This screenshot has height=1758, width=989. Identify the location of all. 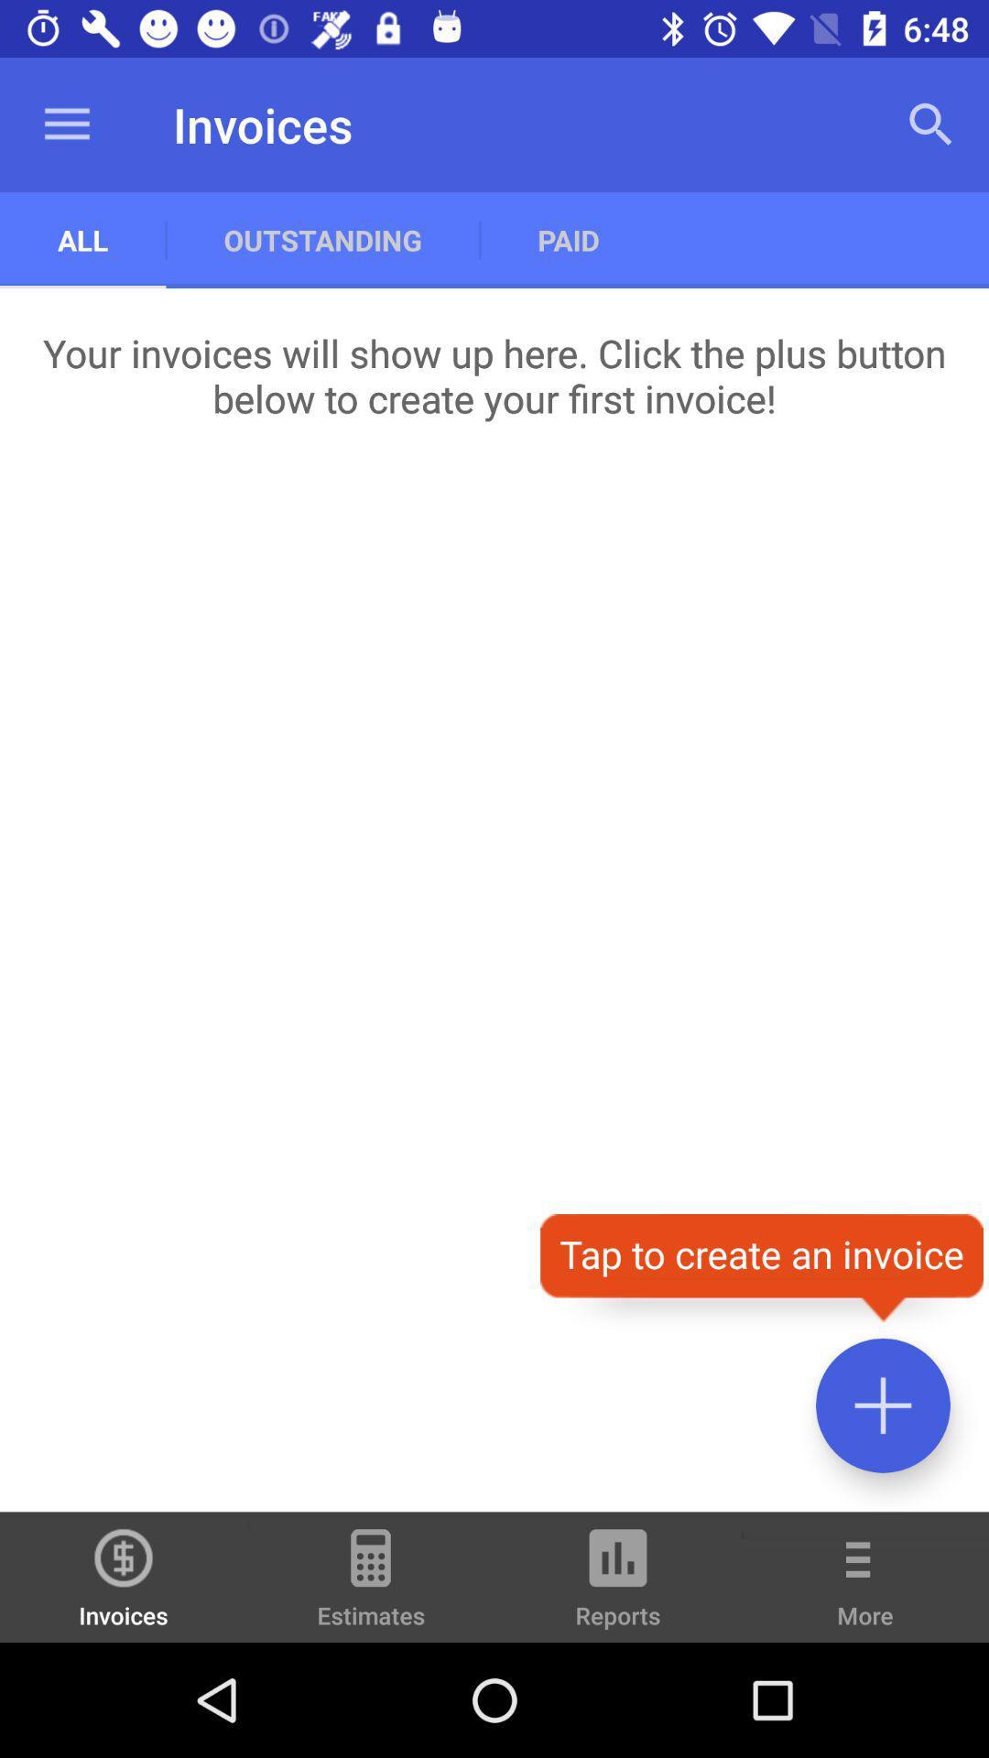
(82, 239).